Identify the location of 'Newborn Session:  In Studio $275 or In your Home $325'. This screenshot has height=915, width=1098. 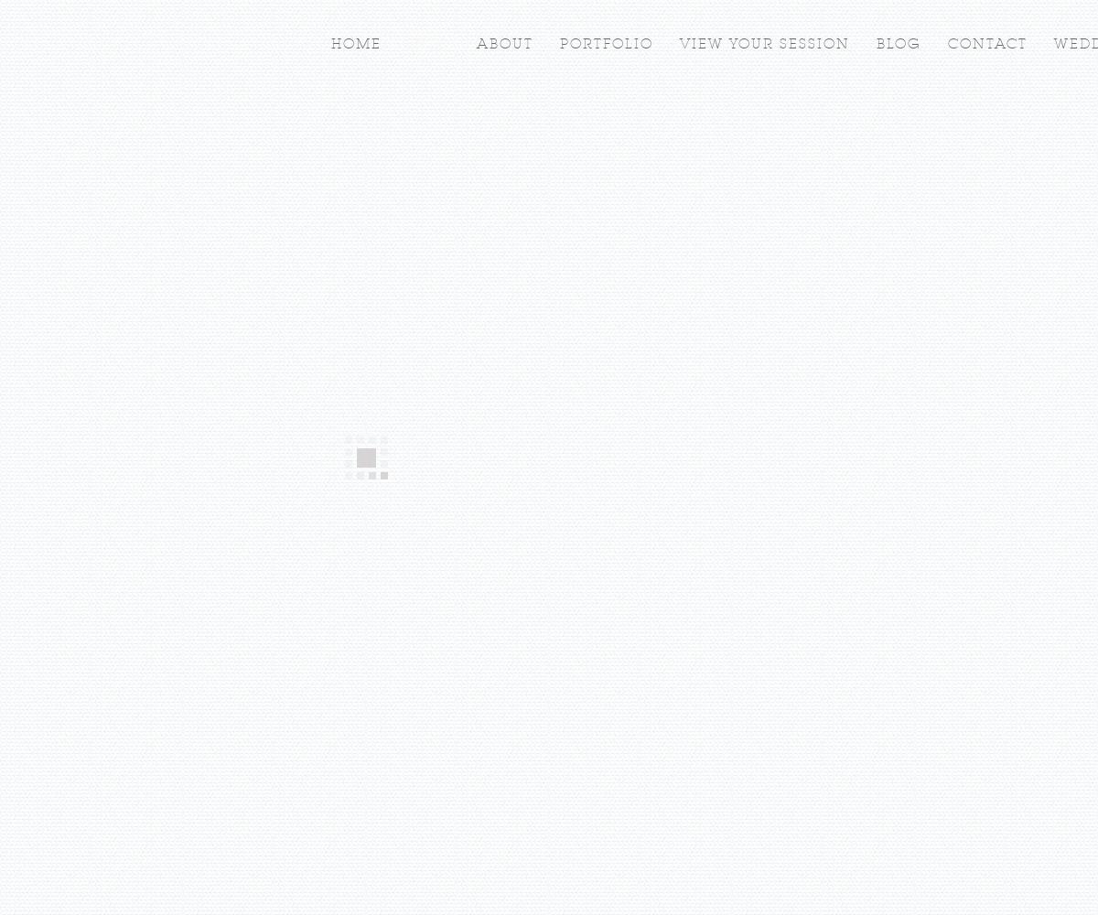
(543, 726).